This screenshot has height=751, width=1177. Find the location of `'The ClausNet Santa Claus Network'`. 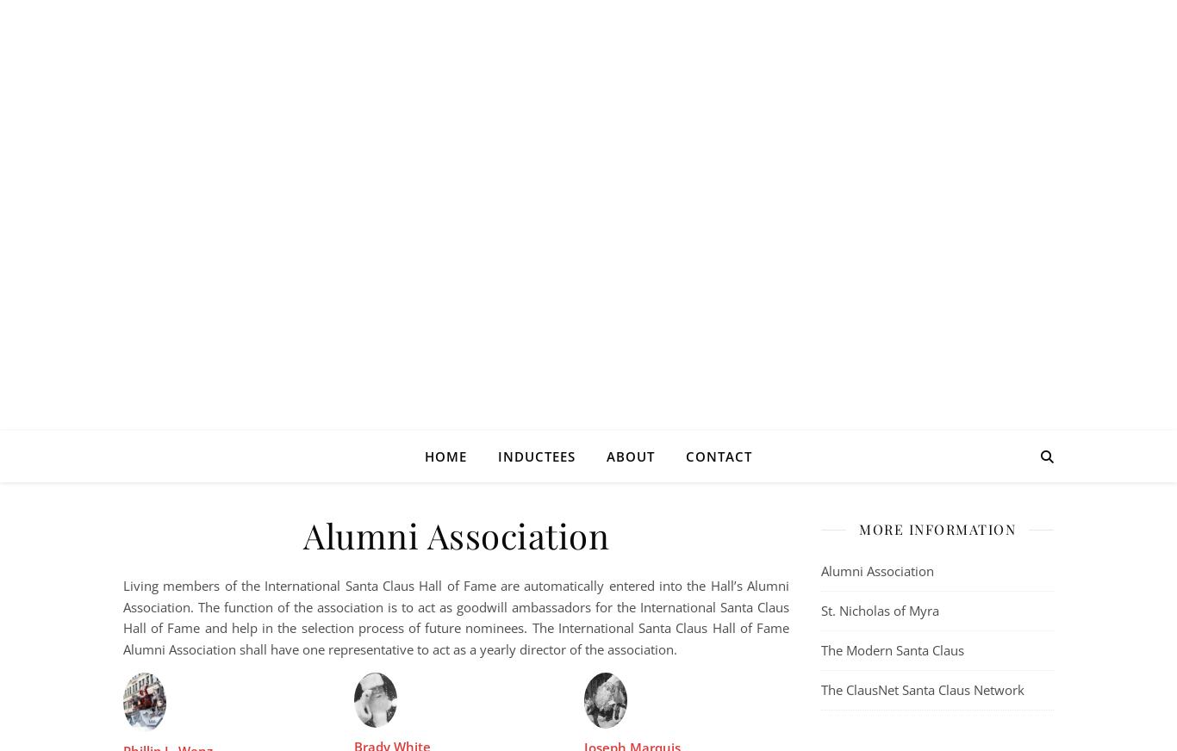

'The ClausNet Santa Claus Network' is located at coordinates (921, 690).